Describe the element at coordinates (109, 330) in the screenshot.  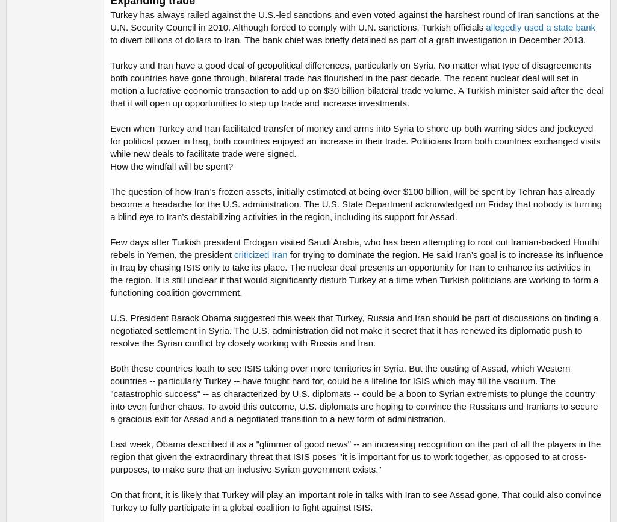
I see `'U.S. President Barack Obama suggested this week that Turkey, Russia and Iran should be part of discussions on finding a negotiated settlement in Syria. The U.S. administration did not make it secret that it has renewed its diplomatic push to resolve the Syrian conflict by closely working with Russia and Iran.'` at that location.